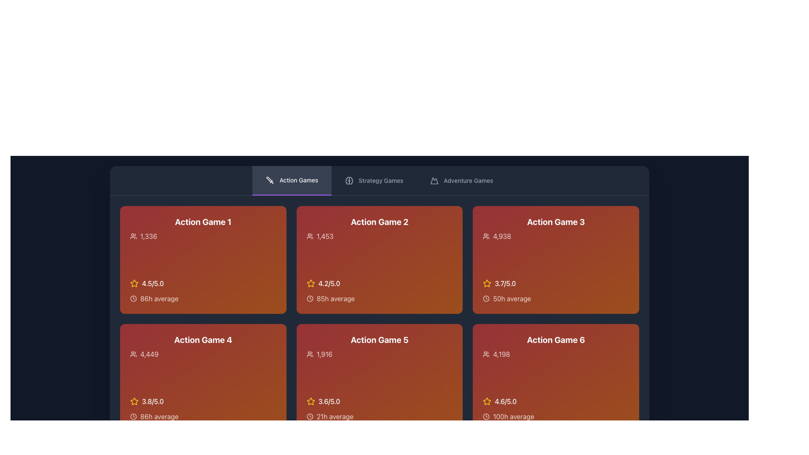 This screenshot has height=455, width=809. Describe the element at coordinates (379, 283) in the screenshot. I see `the Rating Display located within the second card labeled 'Action Game 2', which shows the average rating through star icons and a numerical score` at that location.